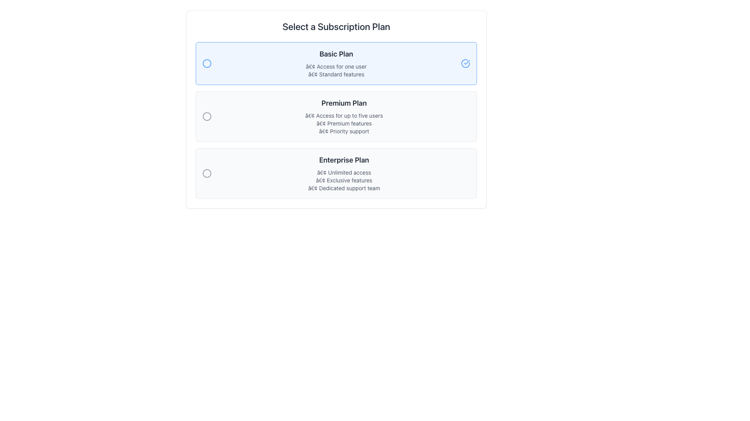 This screenshot has width=750, height=421. Describe the element at coordinates (344, 180) in the screenshot. I see `the text label displaying '• Exclusive features', which is the second item in the list of plan benefits under the 'Enterprise Plan' option` at that location.